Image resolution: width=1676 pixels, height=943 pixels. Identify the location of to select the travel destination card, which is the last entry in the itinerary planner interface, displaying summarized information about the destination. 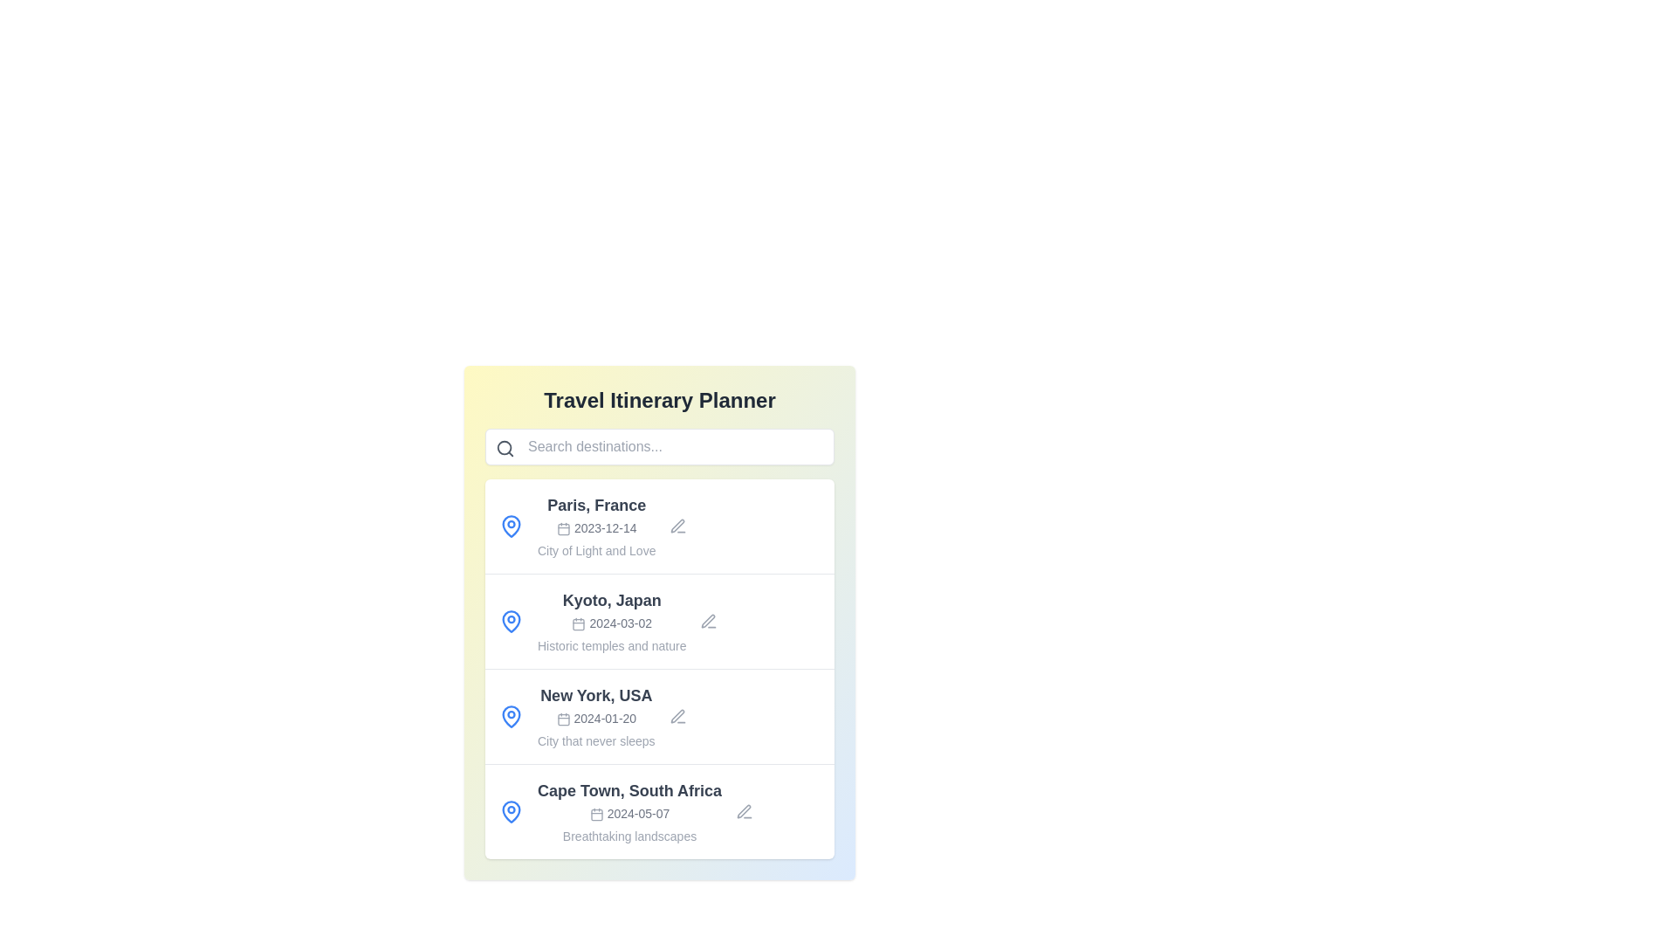
(658, 811).